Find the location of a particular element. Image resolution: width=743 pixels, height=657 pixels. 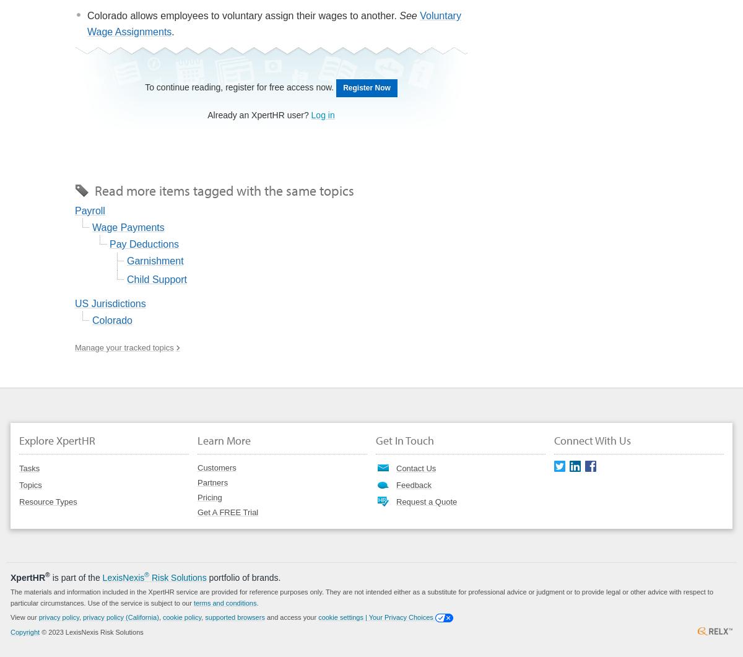

'US Jurisdictions' is located at coordinates (109, 303).